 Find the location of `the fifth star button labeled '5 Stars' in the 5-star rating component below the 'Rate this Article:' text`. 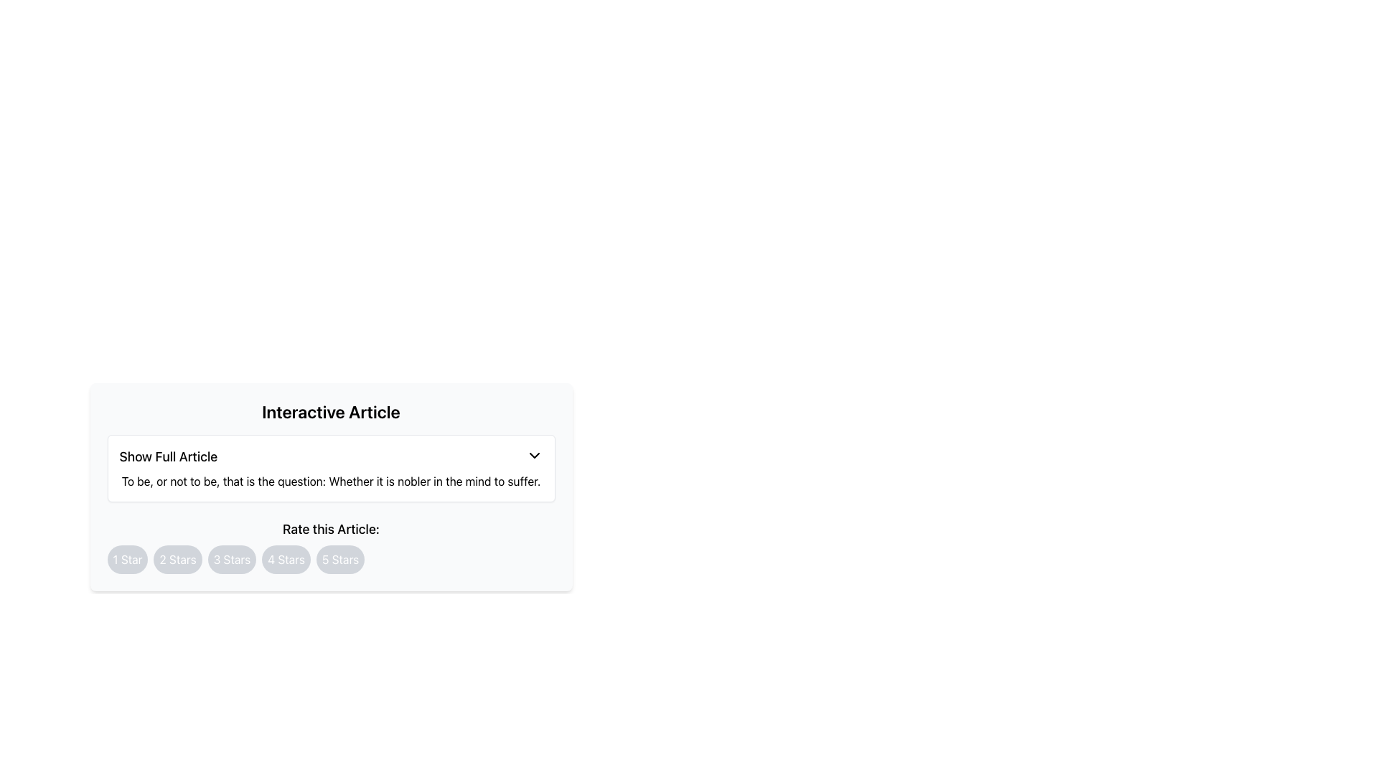

the fifth star button labeled '5 Stars' in the 5-star rating component below the 'Rate this Article:' text is located at coordinates (330, 547).